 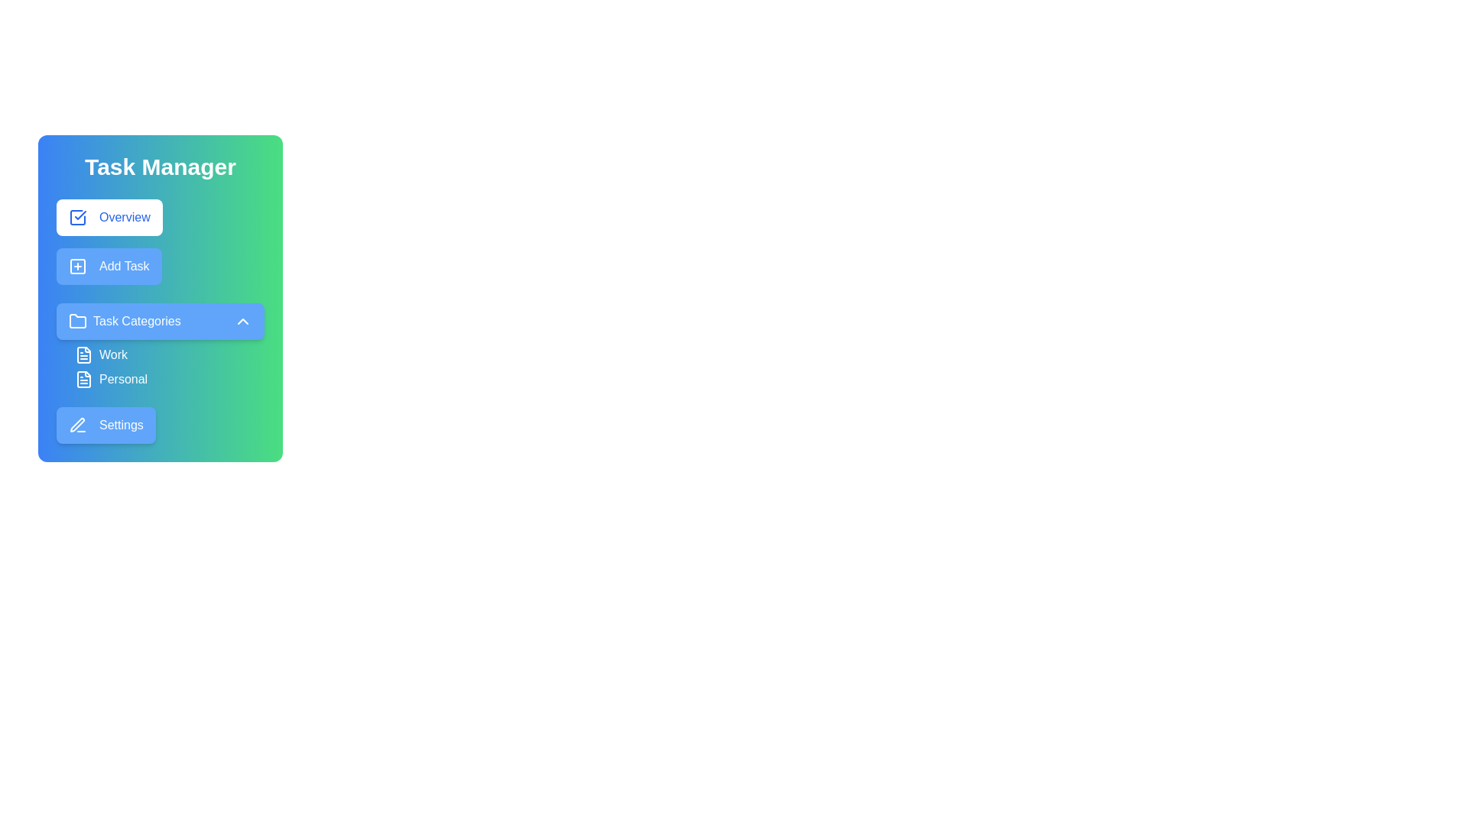 I want to click on the 'Task Categories' button, which is a rectangular button with a blue background and white text, located in the vertical navigation menu under the 'Task Manager' heading, so click(x=161, y=320).